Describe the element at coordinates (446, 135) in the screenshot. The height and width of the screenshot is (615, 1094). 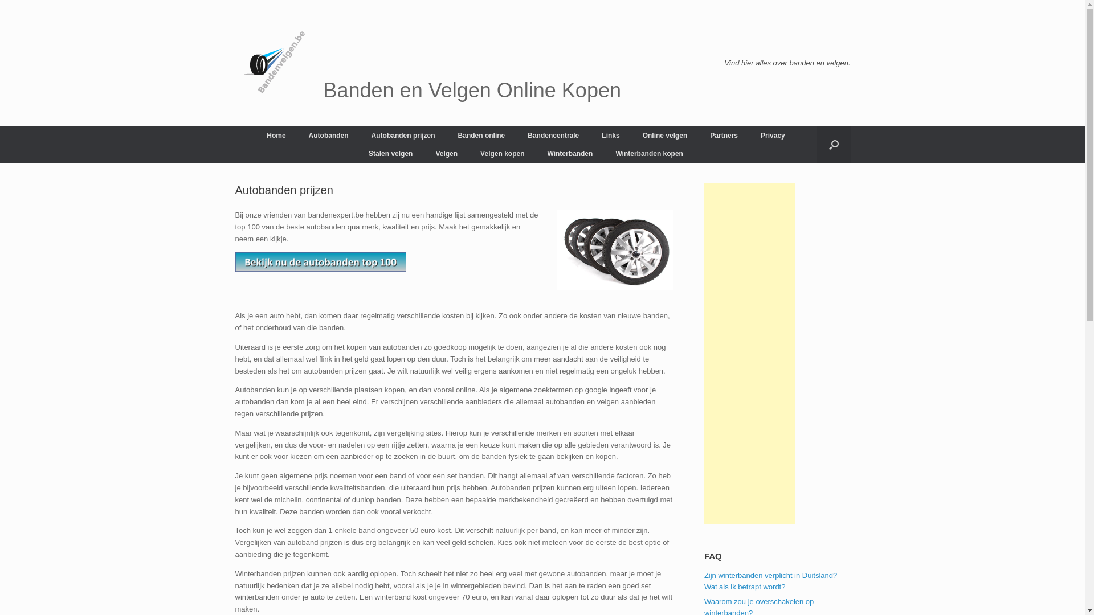
I see `'Banden online'` at that location.